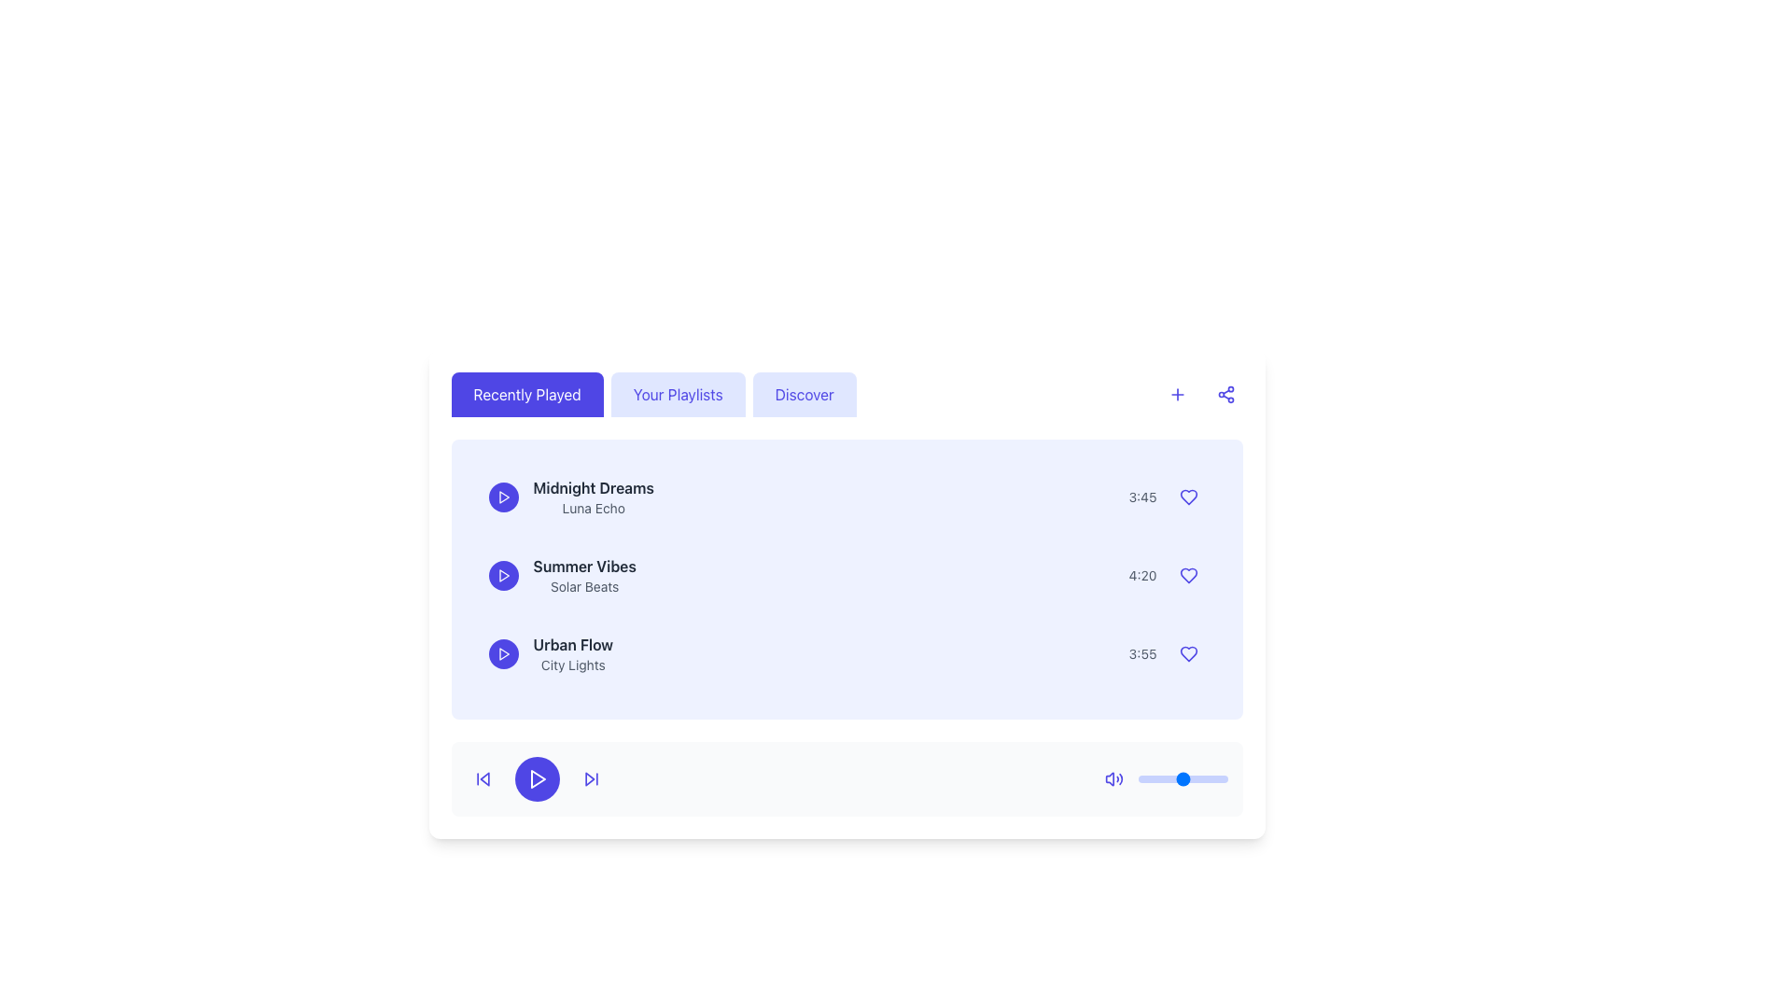 This screenshot has width=1792, height=1008. What do you see at coordinates (1176, 394) in the screenshot?
I see `the circular button with a plus symbol (+) located in the header section, aligned to the right side` at bounding box center [1176, 394].